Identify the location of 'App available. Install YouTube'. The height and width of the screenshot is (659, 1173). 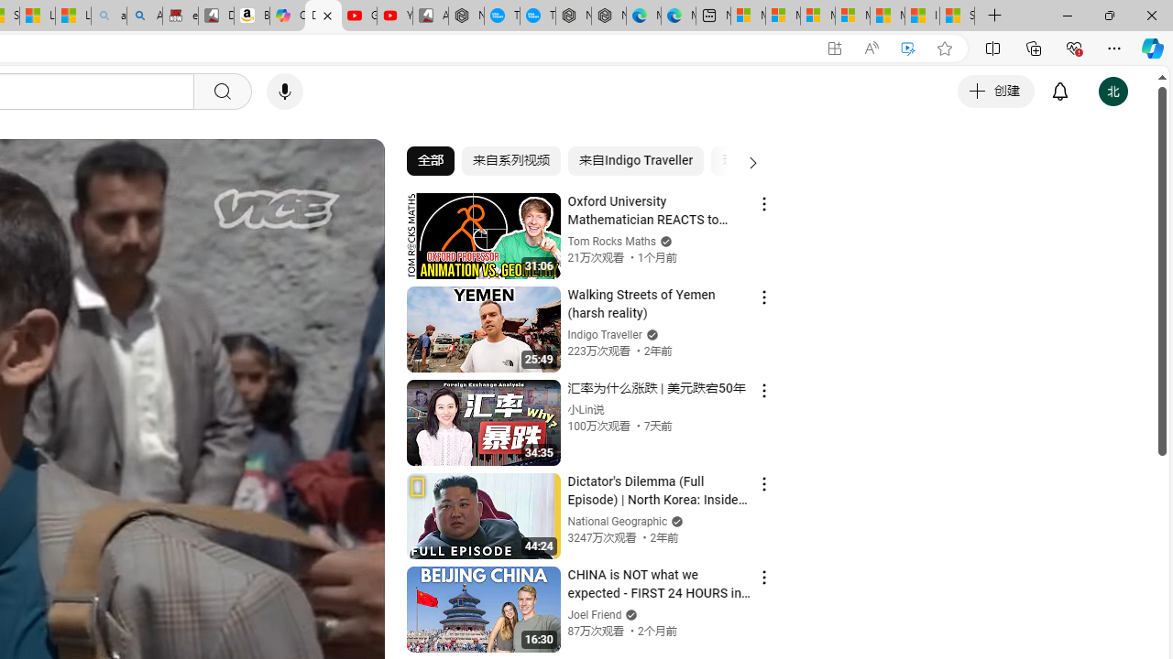
(833, 48).